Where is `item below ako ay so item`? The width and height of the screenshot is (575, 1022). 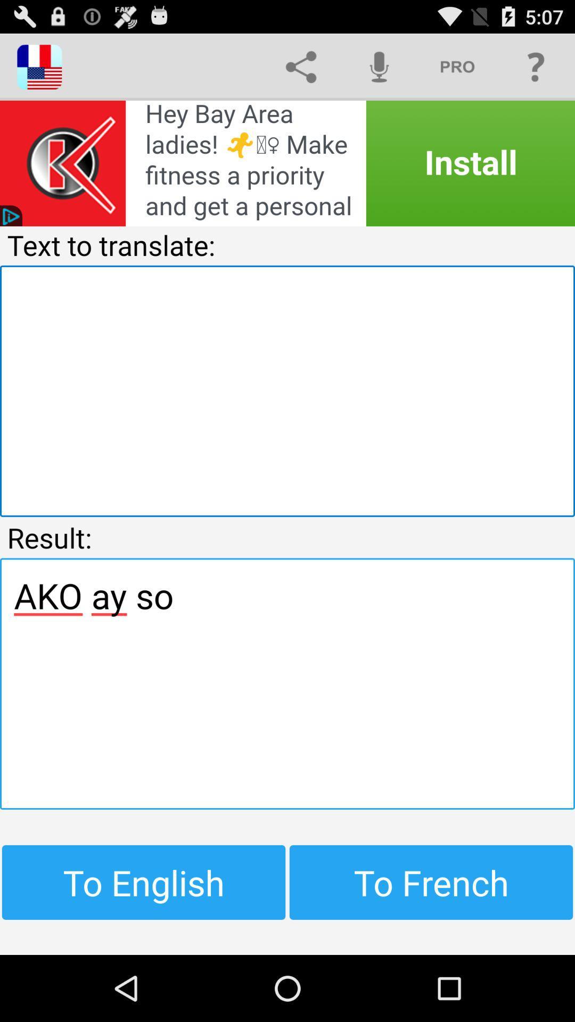
item below ako ay so item is located at coordinates (431, 882).